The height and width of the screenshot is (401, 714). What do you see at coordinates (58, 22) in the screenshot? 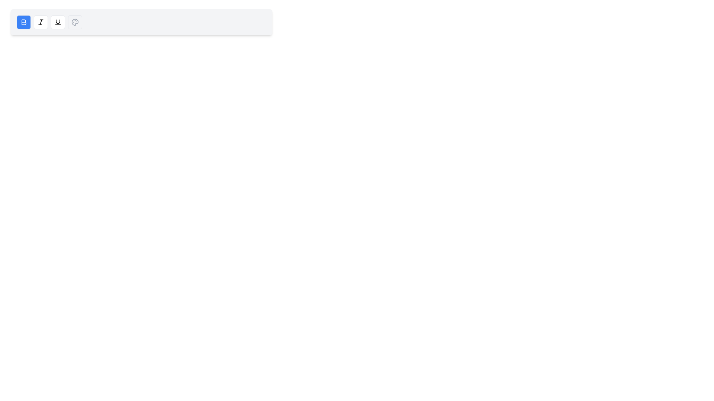
I see `the underline icon located` at bounding box center [58, 22].